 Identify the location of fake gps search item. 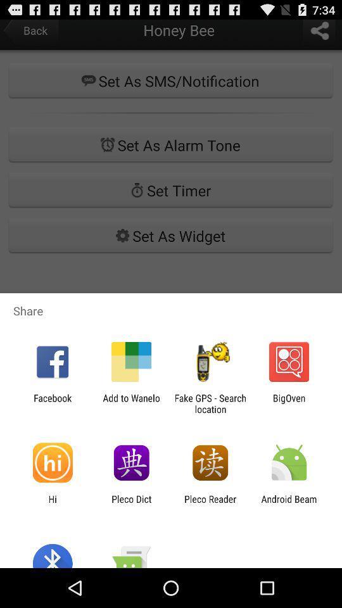
(210, 403).